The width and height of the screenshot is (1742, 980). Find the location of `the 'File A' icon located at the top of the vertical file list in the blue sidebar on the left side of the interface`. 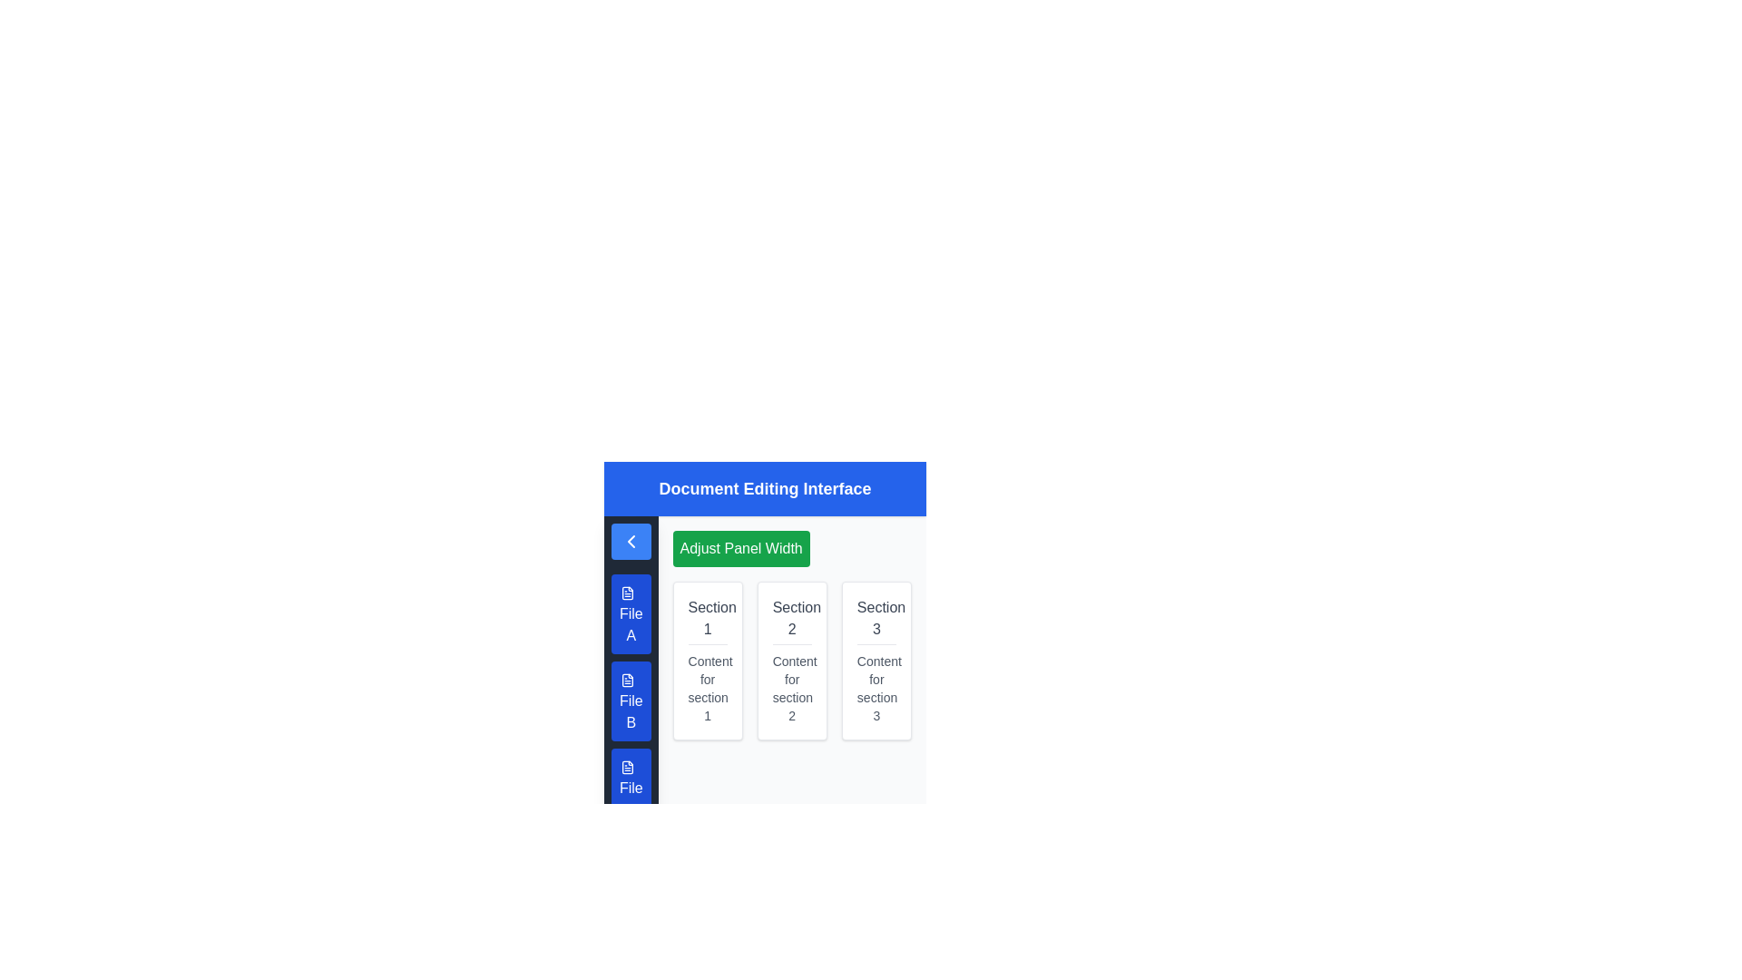

the 'File A' icon located at the top of the vertical file list in the blue sidebar on the left side of the interface is located at coordinates (627, 593).